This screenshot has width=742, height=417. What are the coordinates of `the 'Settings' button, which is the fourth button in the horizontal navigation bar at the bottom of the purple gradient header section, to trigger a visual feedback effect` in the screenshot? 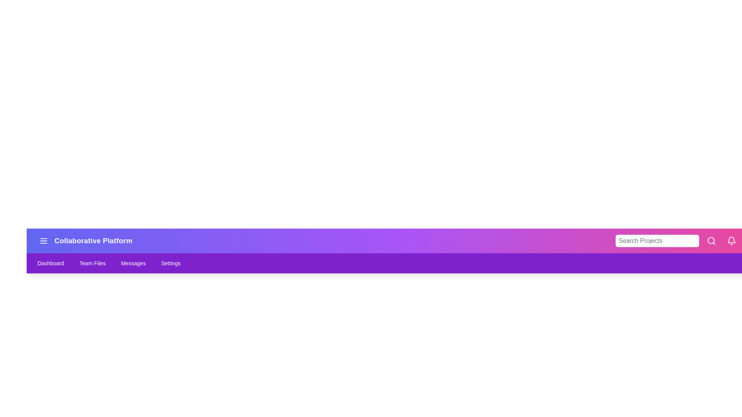 It's located at (170, 263).